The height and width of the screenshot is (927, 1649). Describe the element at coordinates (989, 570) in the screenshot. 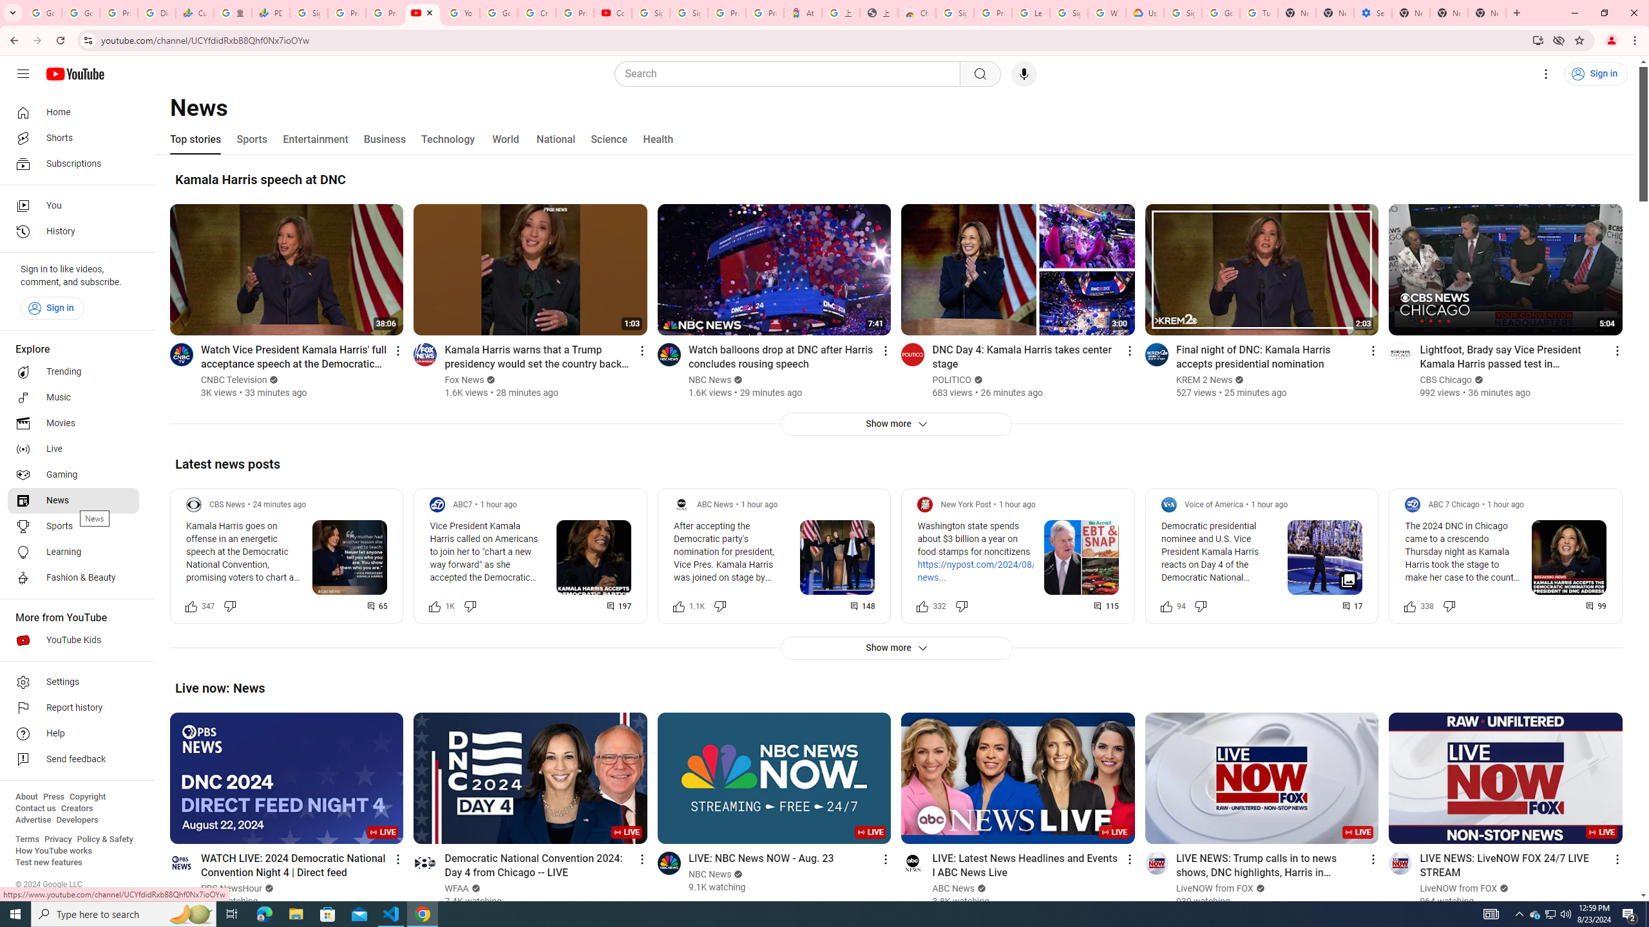

I see `'https://nypost.com/2024/08/21/us-news...'` at that location.